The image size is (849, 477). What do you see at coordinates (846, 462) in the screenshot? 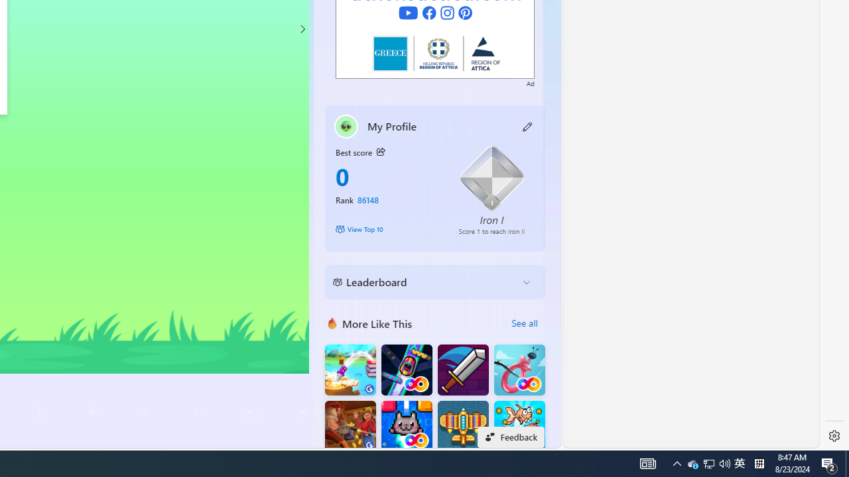
I see `'Show desktop'` at bounding box center [846, 462].